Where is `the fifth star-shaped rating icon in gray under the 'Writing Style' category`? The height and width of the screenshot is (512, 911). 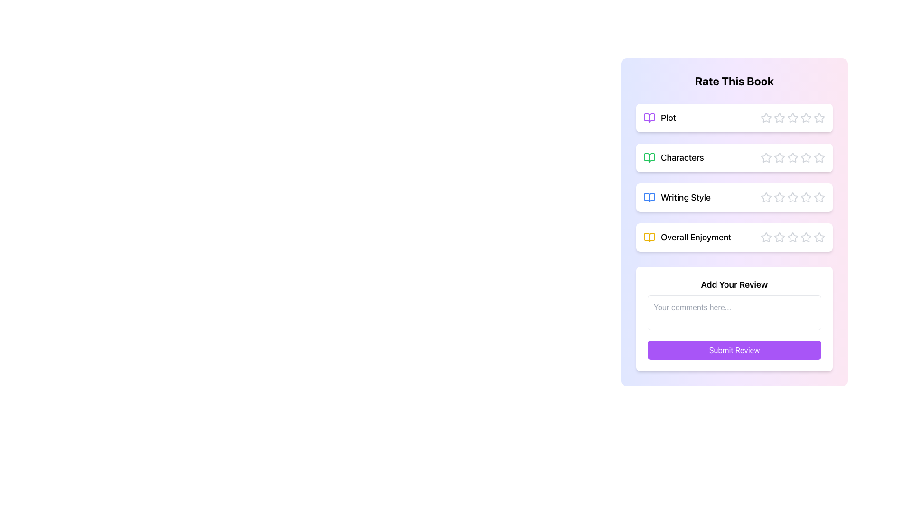
the fifth star-shaped rating icon in gray under the 'Writing Style' category is located at coordinates (819, 197).